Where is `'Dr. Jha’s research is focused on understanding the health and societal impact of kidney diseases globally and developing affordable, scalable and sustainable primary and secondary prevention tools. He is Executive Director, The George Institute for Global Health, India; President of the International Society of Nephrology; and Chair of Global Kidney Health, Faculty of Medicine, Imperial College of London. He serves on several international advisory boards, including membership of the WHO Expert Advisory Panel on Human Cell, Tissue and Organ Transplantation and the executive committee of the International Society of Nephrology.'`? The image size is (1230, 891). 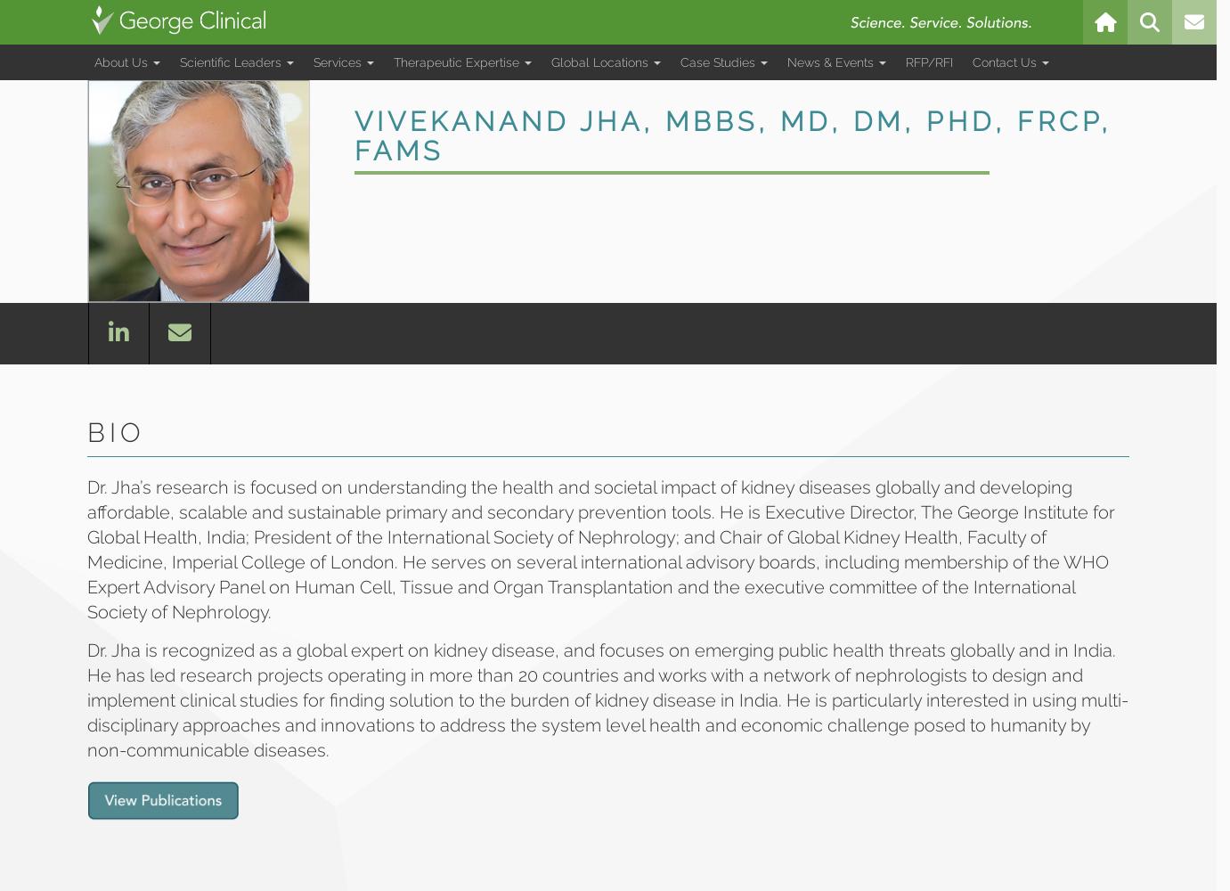 'Dr. Jha’s research is focused on understanding the health and societal impact of kidney diseases globally and developing affordable, scalable and sustainable primary and secondary prevention tools. He is Executive Director, The George Institute for Global Health, India; President of the International Society of Nephrology; and Chair of Global Kidney Health, Faculty of Medicine, Imperial College of London. He serves on several international advisory boards, including membership of the WHO Expert Advisory Panel on Human Cell, Tissue and Organ Transplantation and the executive committee of the International Society of Nephrology.' is located at coordinates (600, 549).